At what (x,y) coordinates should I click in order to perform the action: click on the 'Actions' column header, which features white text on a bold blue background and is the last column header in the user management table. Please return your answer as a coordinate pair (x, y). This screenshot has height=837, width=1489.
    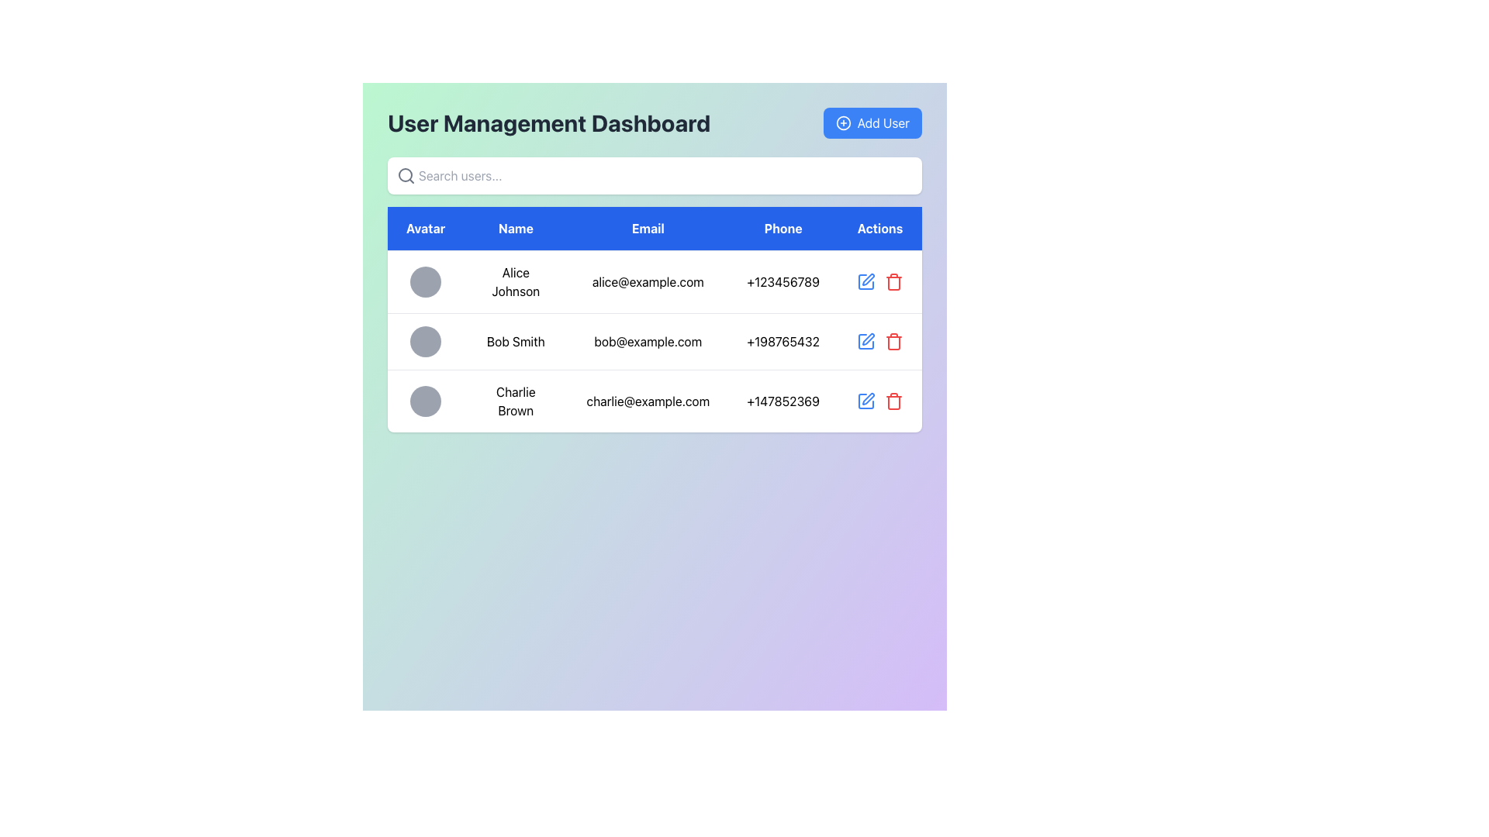
    Looking at the image, I should click on (879, 228).